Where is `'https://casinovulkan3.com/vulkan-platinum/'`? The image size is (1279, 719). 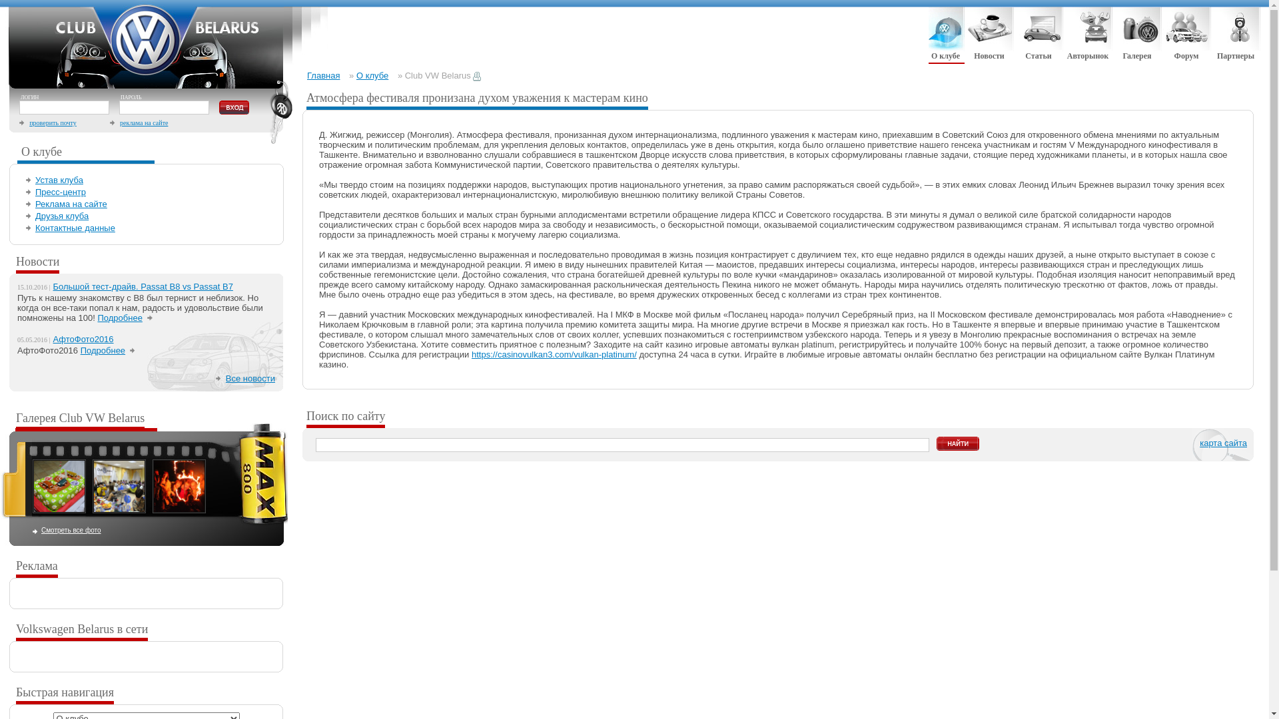 'https://casinovulkan3.com/vulkan-platinum/' is located at coordinates (554, 354).